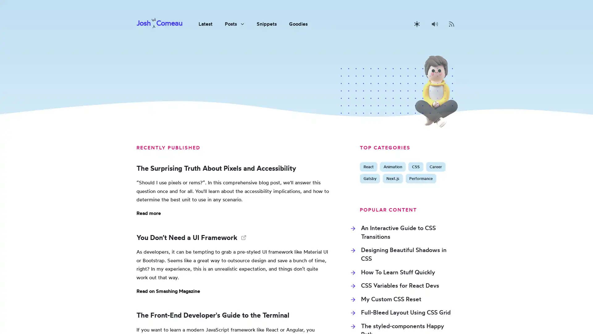 The image size is (593, 334). What do you see at coordinates (37, 298) in the screenshot?
I see `Disable sounds` at bounding box center [37, 298].